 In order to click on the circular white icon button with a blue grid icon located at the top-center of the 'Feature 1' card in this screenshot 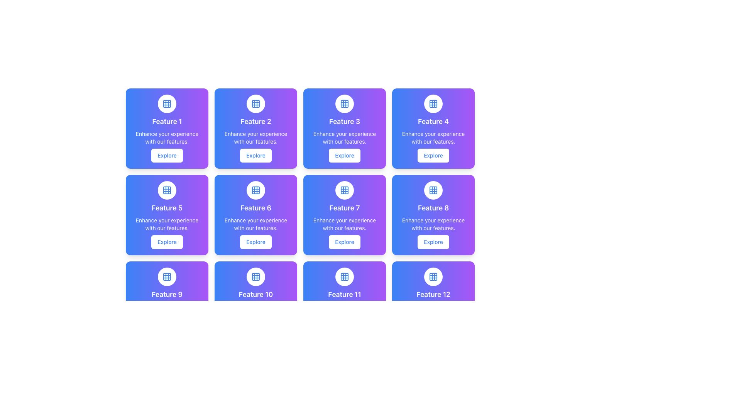, I will do `click(166, 103)`.